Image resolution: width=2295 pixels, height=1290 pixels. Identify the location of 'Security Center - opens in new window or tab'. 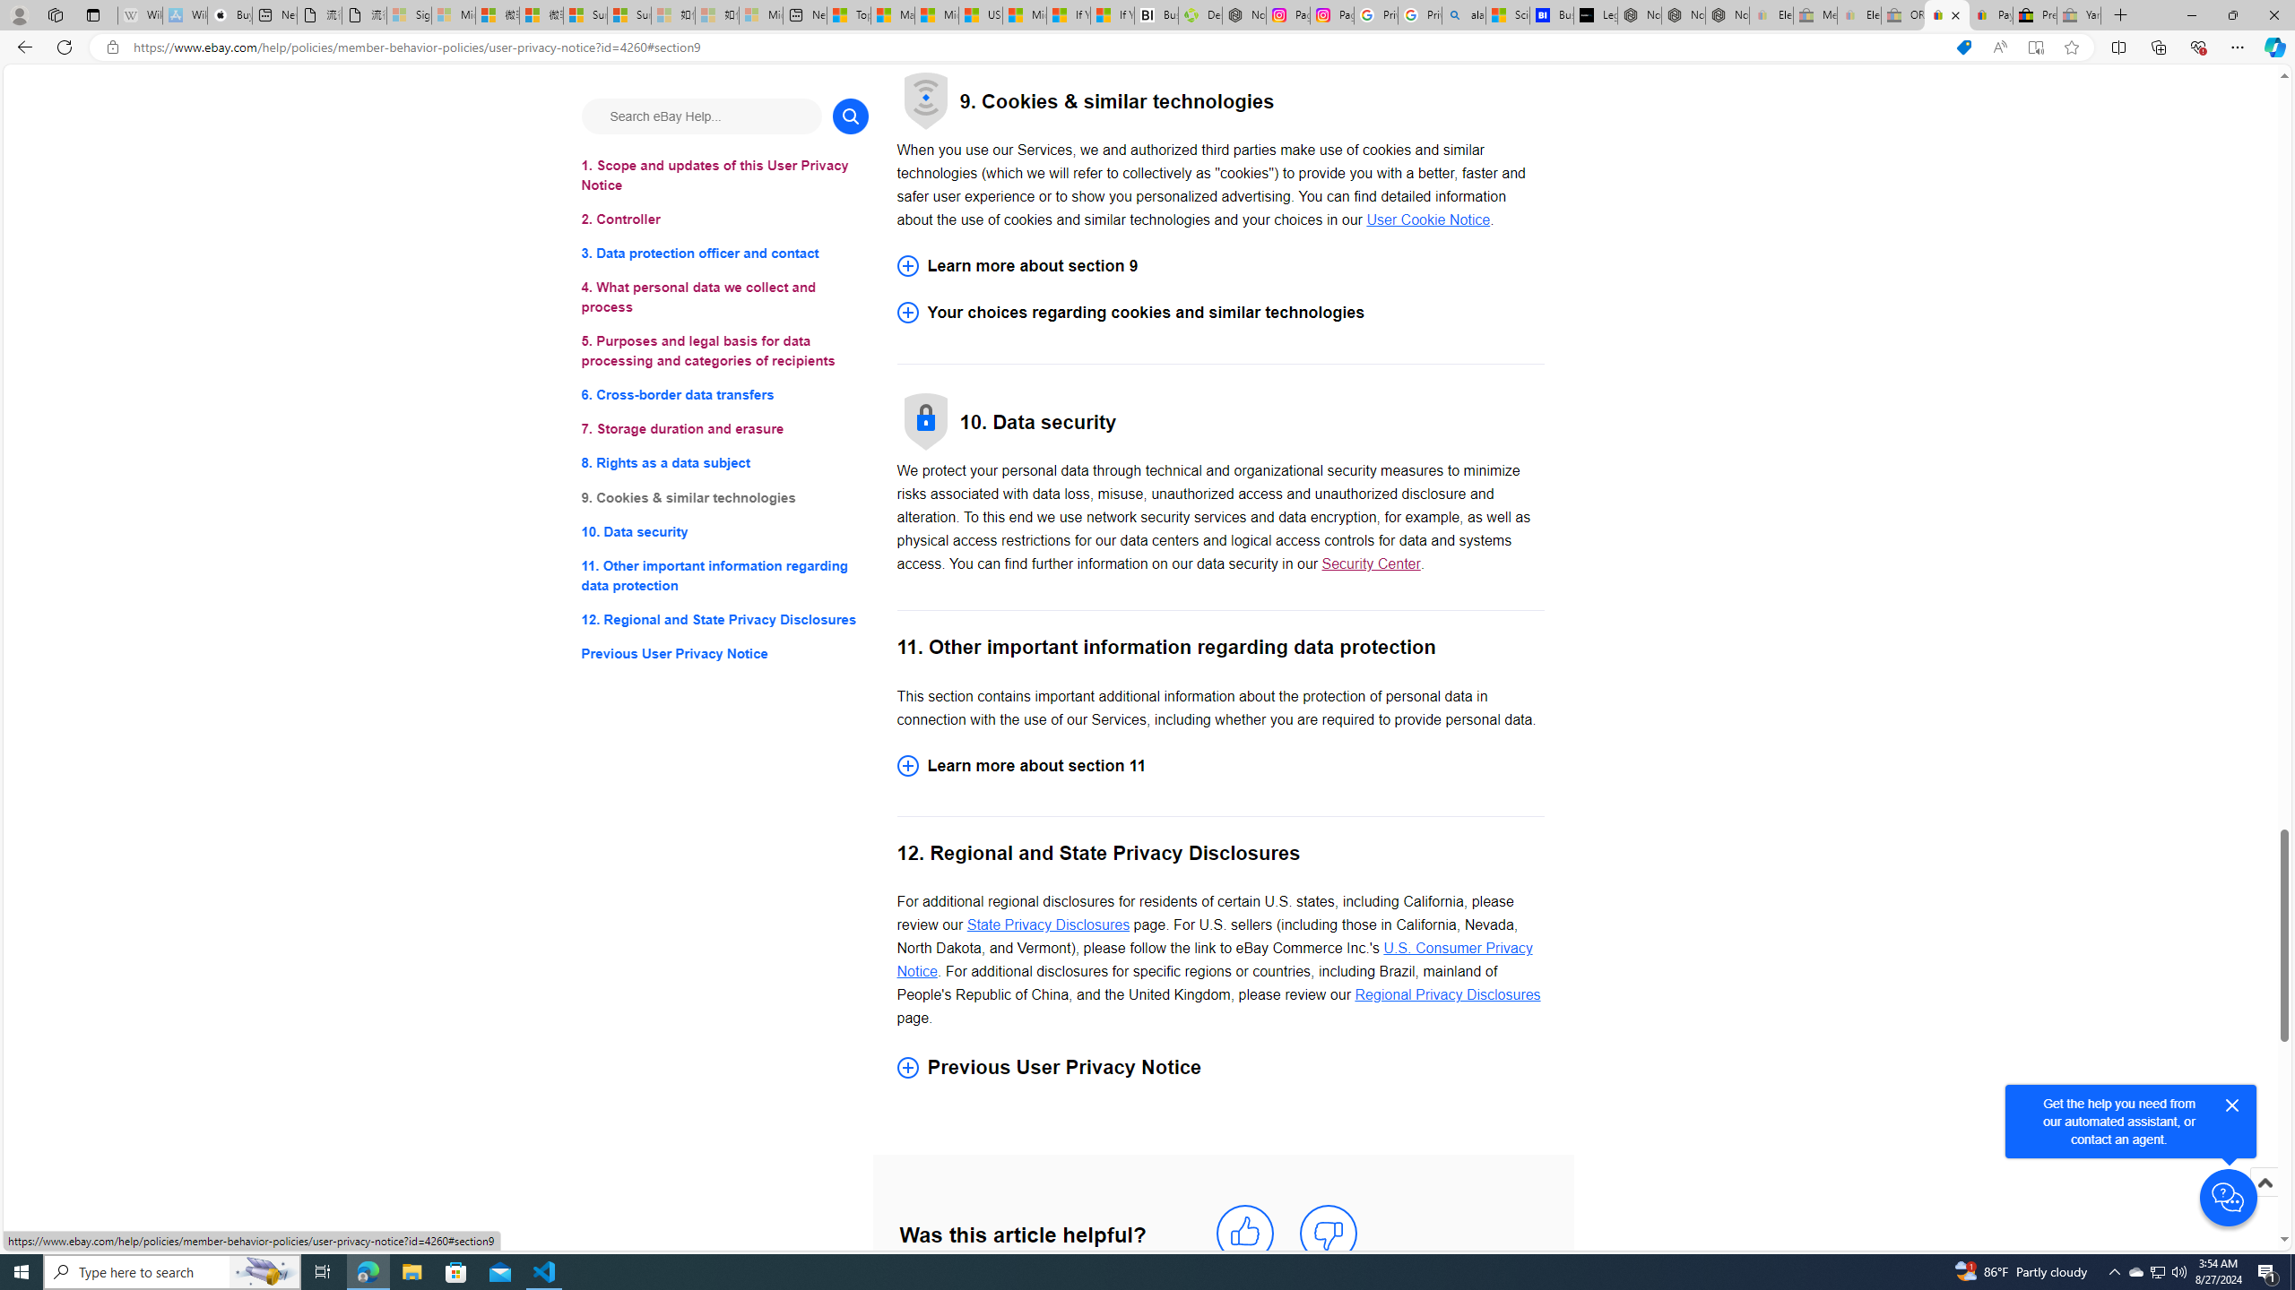
(1370, 563).